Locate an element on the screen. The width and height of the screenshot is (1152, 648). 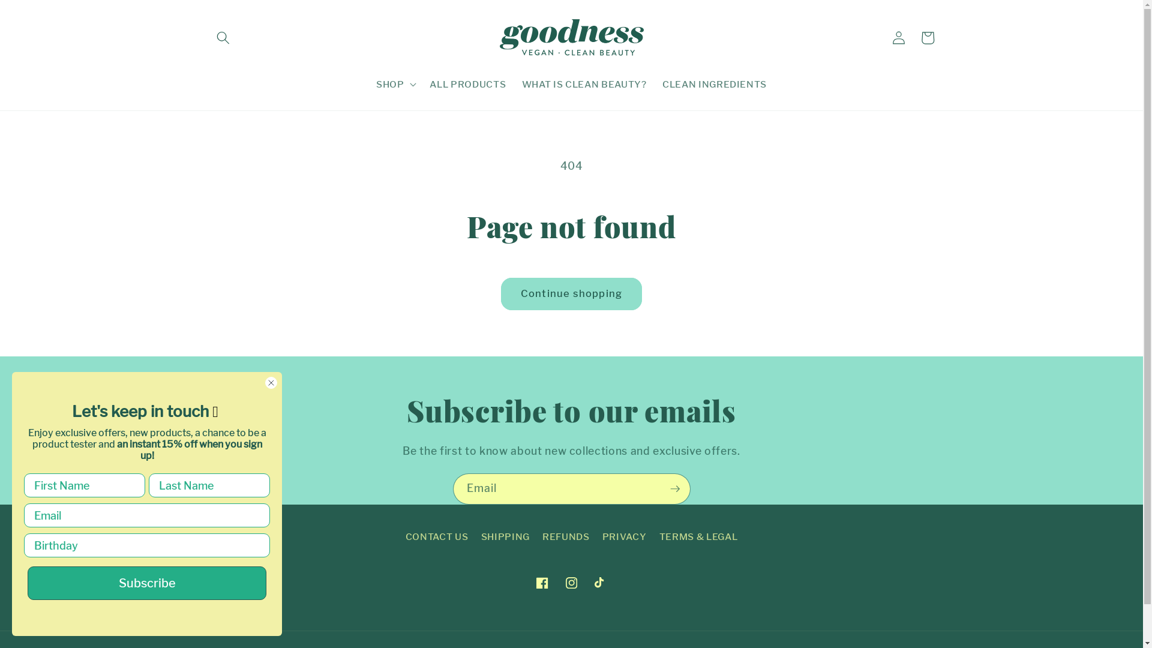
'REFUNDS' is located at coordinates (541, 536).